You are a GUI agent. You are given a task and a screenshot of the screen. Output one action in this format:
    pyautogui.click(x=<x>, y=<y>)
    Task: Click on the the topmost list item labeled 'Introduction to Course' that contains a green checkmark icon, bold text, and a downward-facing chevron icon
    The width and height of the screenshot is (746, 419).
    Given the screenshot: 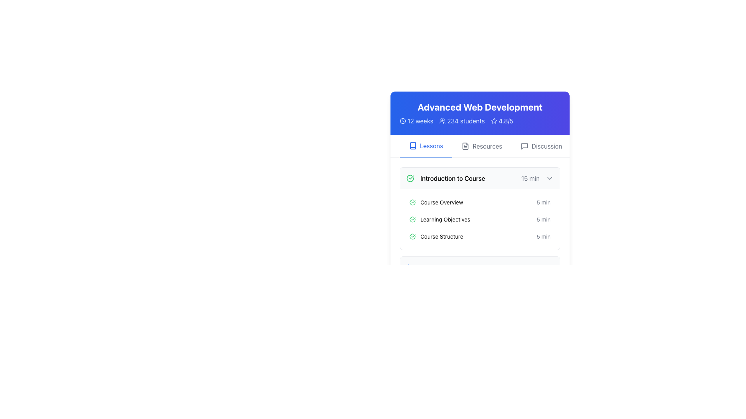 What is the action you would take?
    pyautogui.click(x=479, y=178)
    